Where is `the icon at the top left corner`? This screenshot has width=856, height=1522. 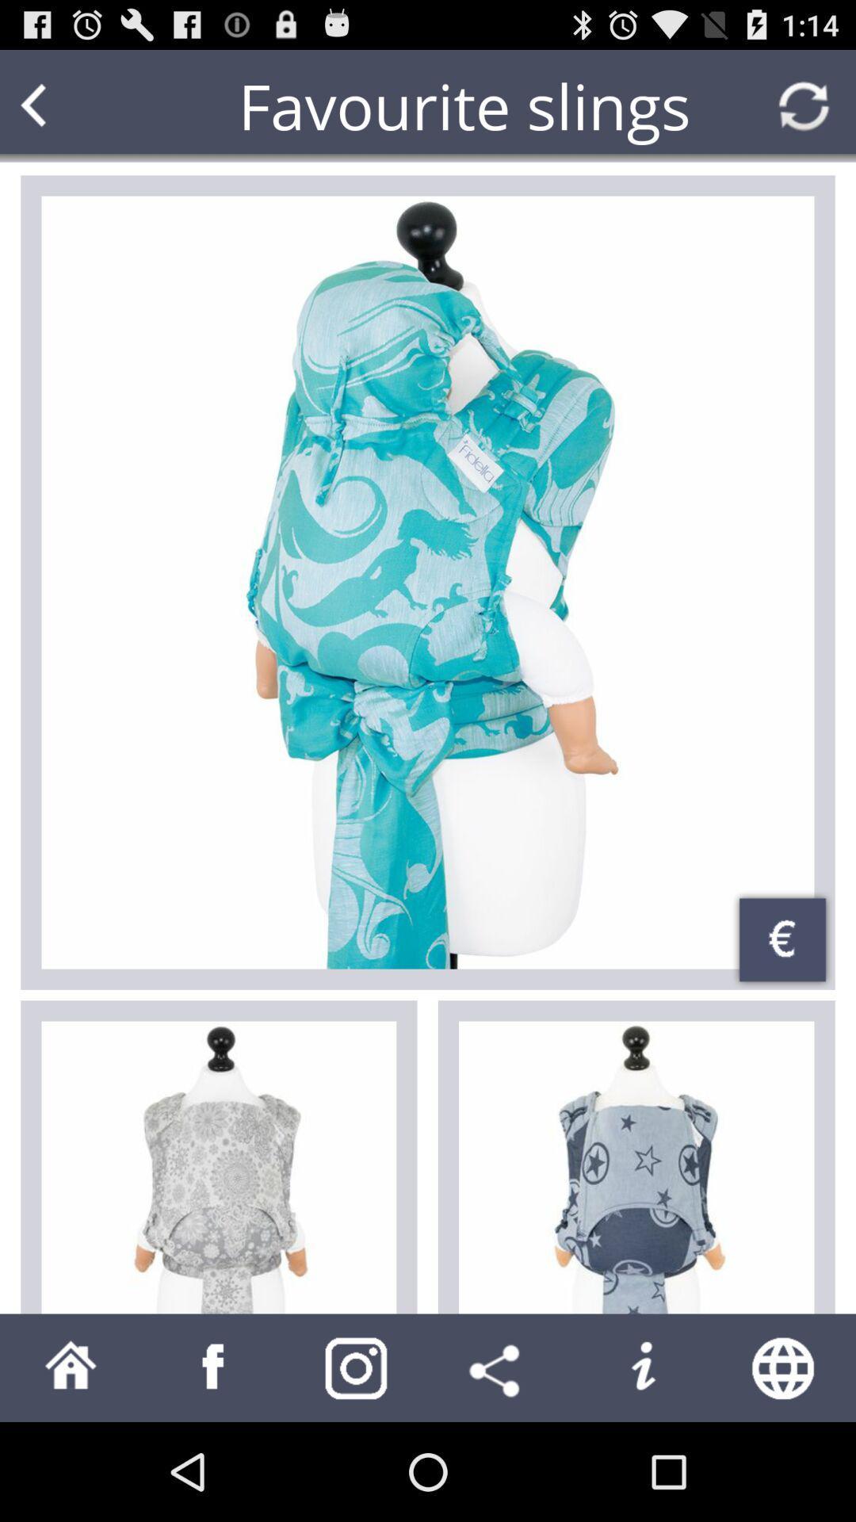 the icon at the top left corner is located at coordinates (63, 105).